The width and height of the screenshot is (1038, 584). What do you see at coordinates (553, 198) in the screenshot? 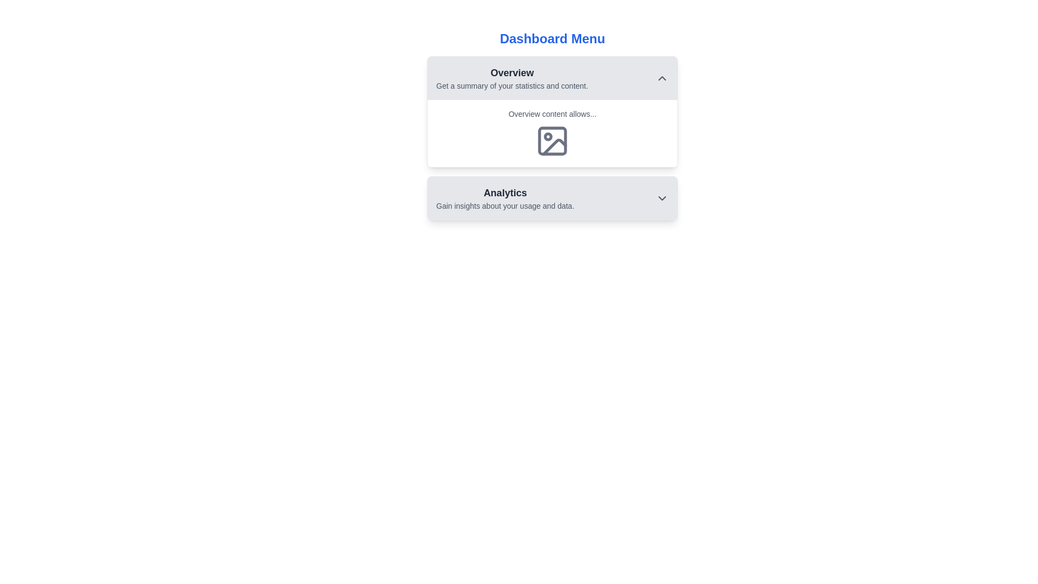
I see `the 'Analytics' section header` at bounding box center [553, 198].